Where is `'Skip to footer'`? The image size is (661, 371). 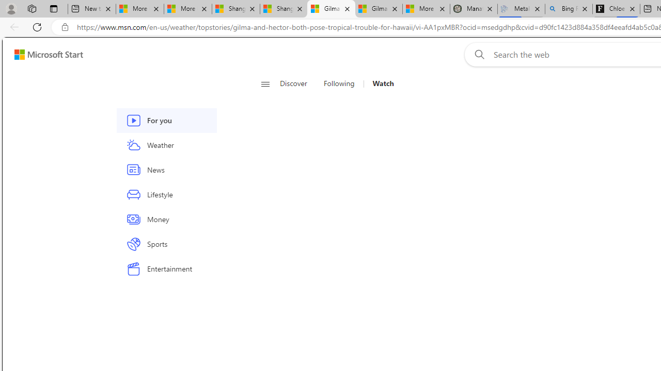 'Skip to footer' is located at coordinates (42, 54).